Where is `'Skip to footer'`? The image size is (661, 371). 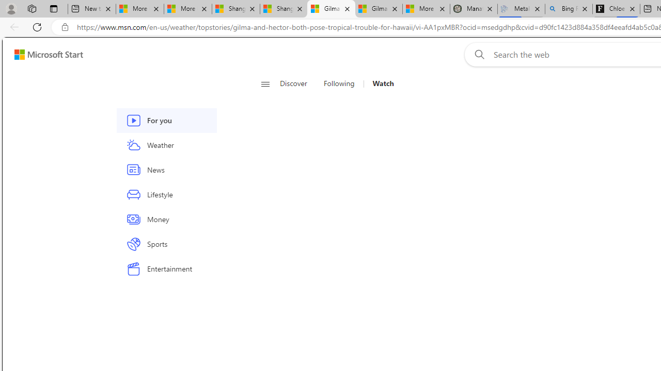 'Skip to footer' is located at coordinates (42, 54).